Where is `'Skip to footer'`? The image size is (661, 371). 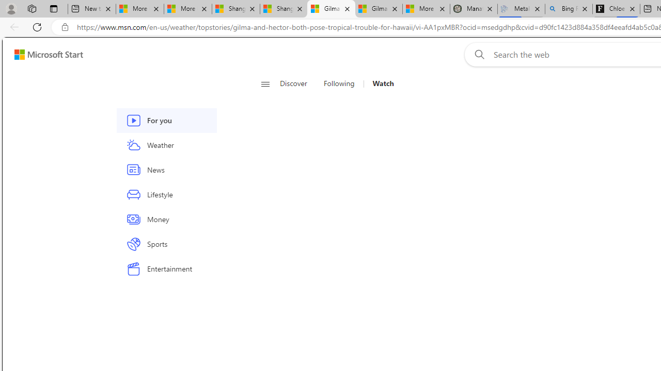 'Skip to footer' is located at coordinates (42, 54).